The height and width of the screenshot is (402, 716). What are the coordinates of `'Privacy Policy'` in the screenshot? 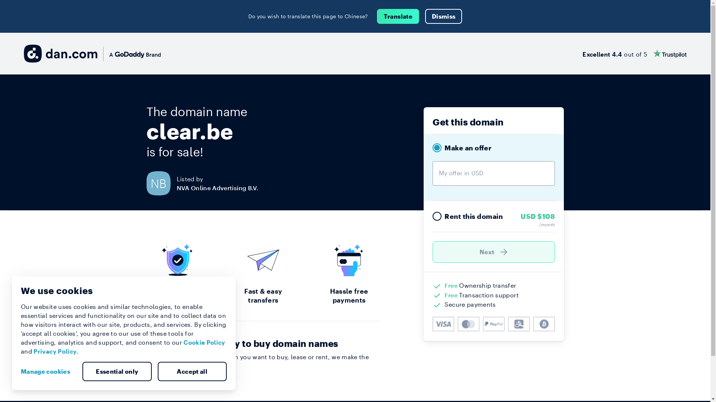 It's located at (54, 351).